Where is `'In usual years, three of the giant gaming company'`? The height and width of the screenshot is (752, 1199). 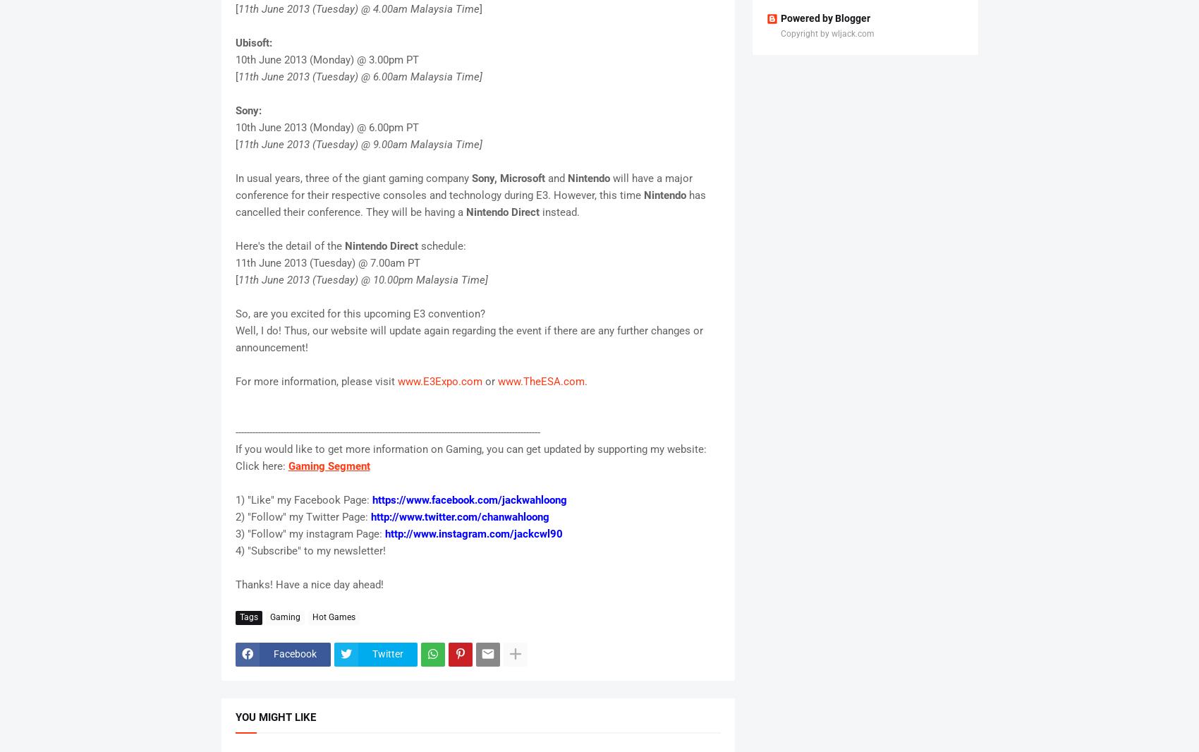
'In usual years, three of the giant gaming company' is located at coordinates (353, 177).